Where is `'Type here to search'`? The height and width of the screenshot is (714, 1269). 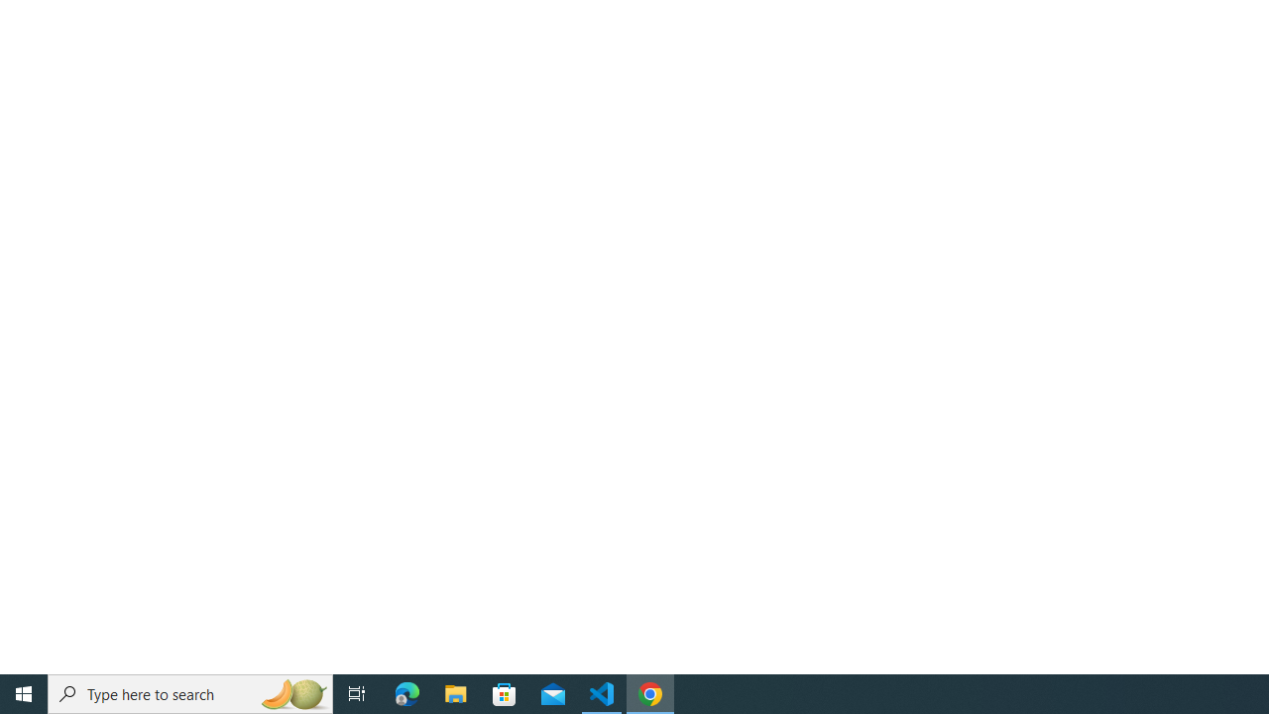
'Type here to search' is located at coordinates (190, 692).